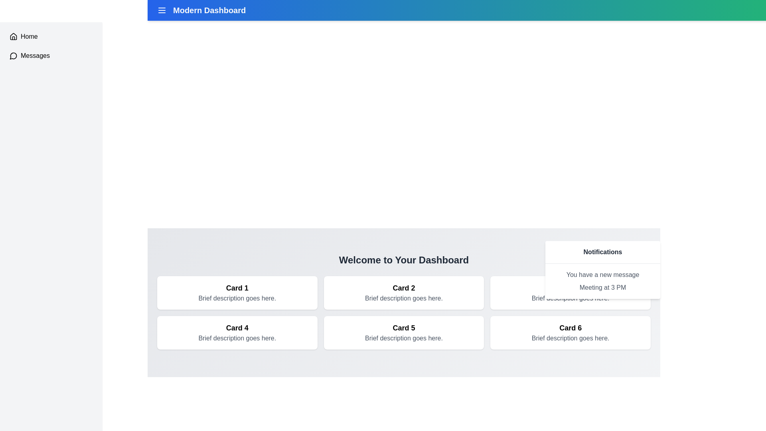  Describe the element at coordinates (13, 37) in the screenshot. I see `the 'Home' SVG icon in the sidebar navigation menu, which visually indicates the 'Home' section` at that location.